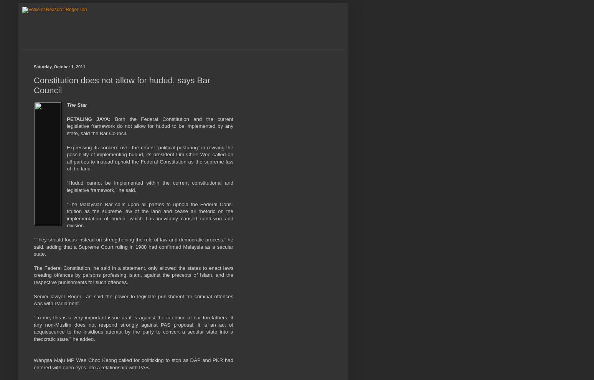 This screenshot has width=594, height=380. Describe the element at coordinates (59, 67) in the screenshot. I see `'Saturday, October 1, 2011'` at that location.